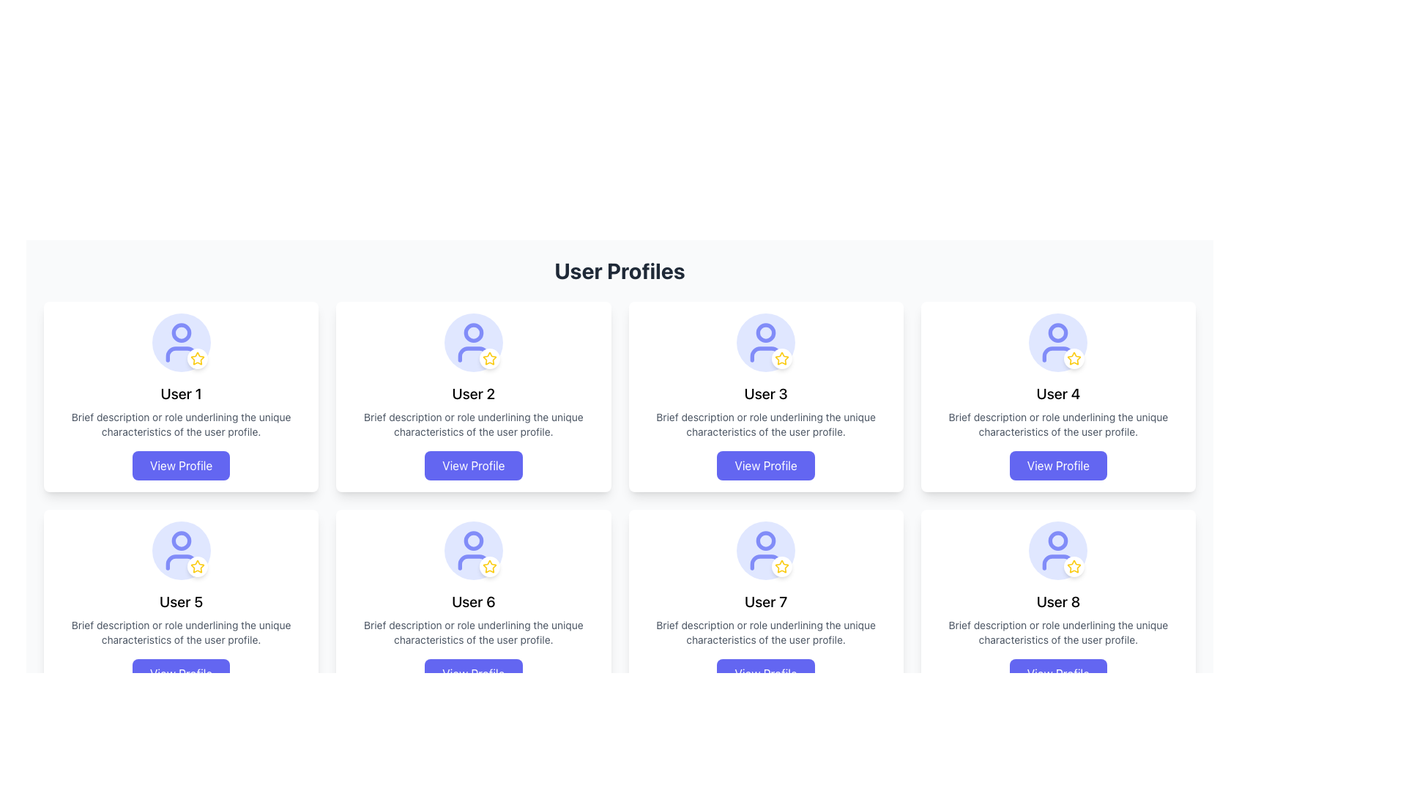 This screenshot has height=791, width=1406. Describe the element at coordinates (180, 674) in the screenshot. I see `the interactive button located at the bottom-center of the card labeled 'User 5'` at that location.